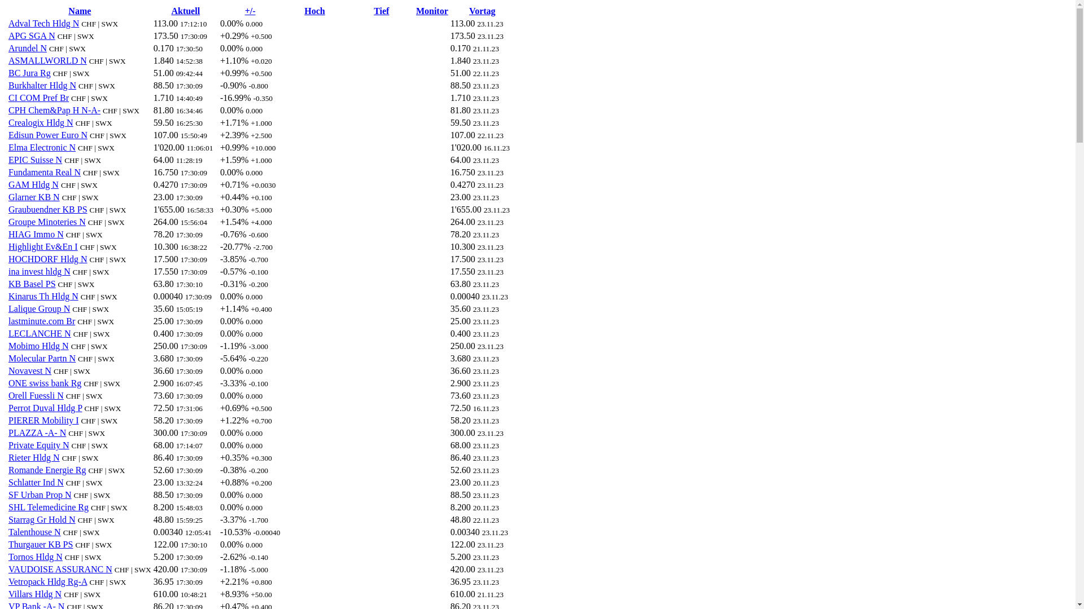  What do you see at coordinates (40, 271) in the screenshot?
I see `'ina invest hldg N'` at bounding box center [40, 271].